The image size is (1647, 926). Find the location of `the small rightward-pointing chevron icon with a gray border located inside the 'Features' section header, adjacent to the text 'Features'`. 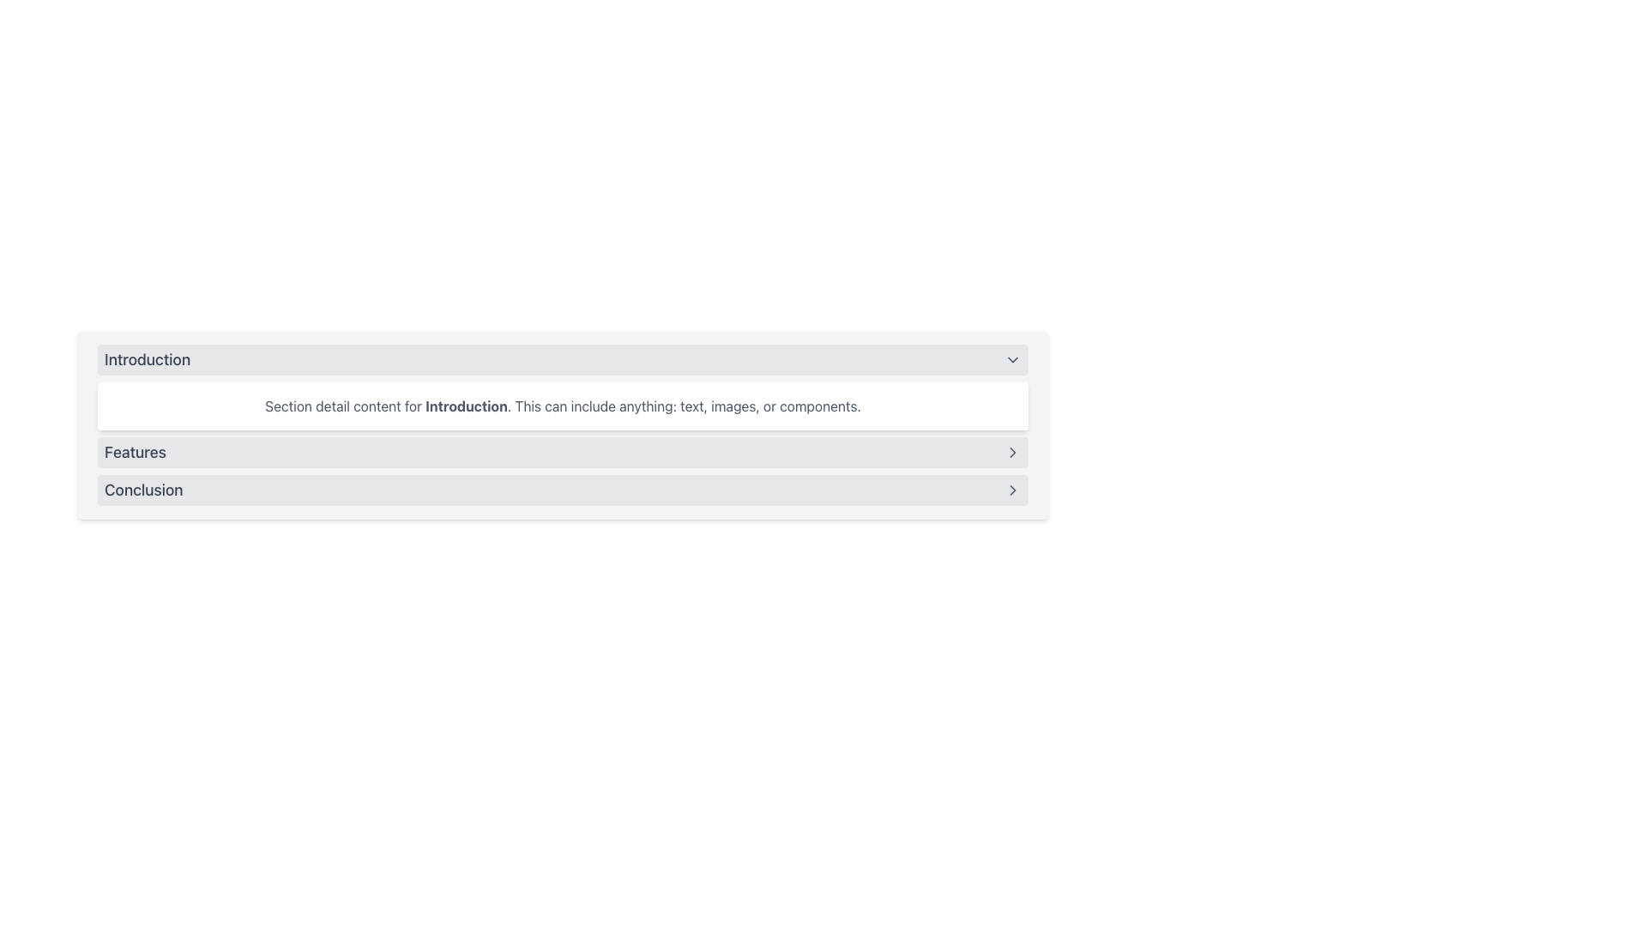

the small rightward-pointing chevron icon with a gray border located inside the 'Features' section header, adjacent to the text 'Features' is located at coordinates (1012, 452).